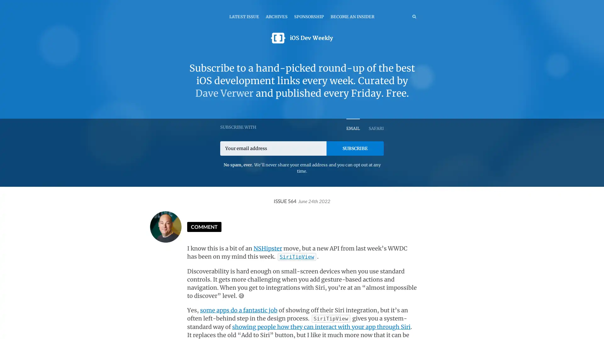 The image size is (604, 339). I want to click on SAFARI, so click(376, 126).